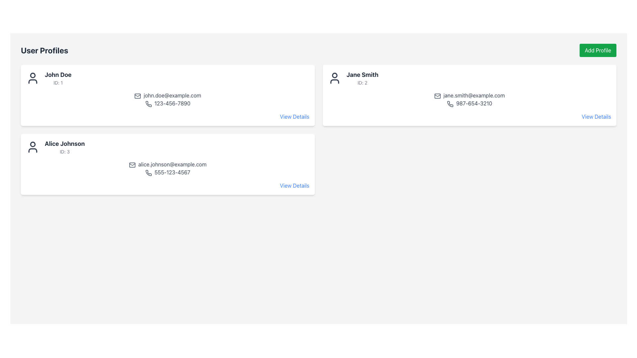 This screenshot has width=637, height=358. What do you see at coordinates (469, 103) in the screenshot?
I see `on the phone number text label displaying '987-654-3210' located beneath the email address 'jane.smith@example.com' within the profile card for 'Jane Smith'` at bounding box center [469, 103].